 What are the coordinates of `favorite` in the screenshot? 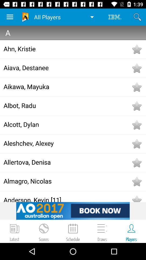 It's located at (136, 125).